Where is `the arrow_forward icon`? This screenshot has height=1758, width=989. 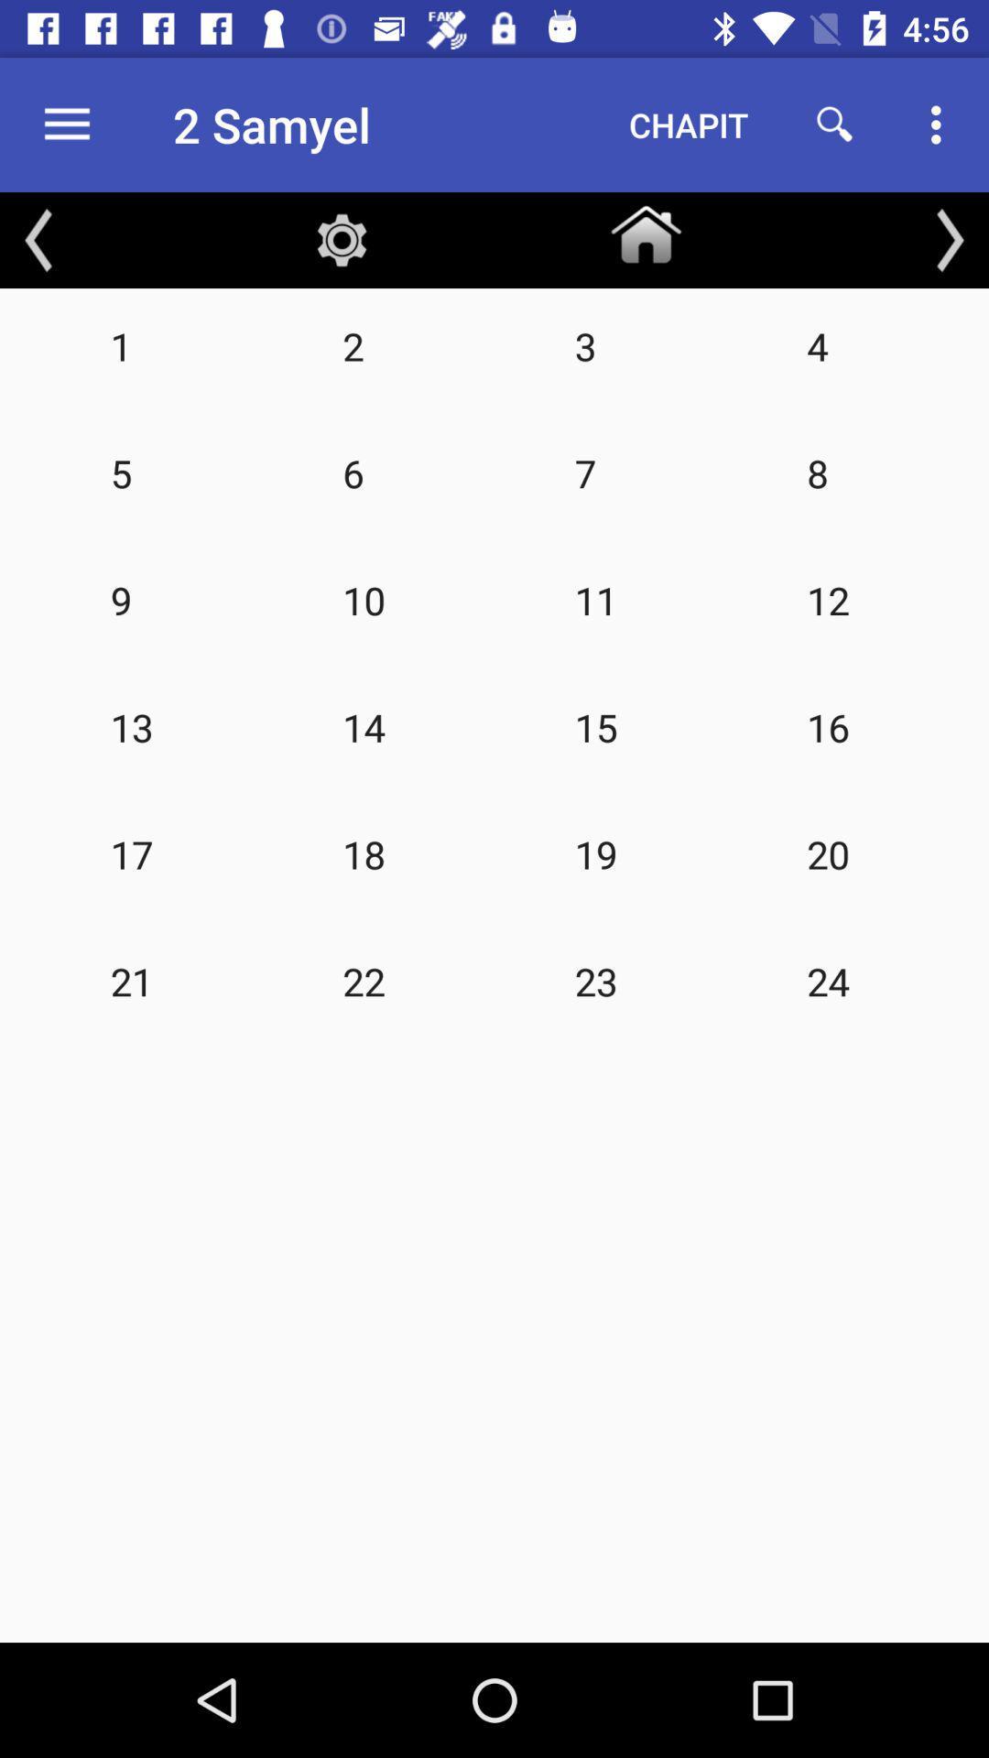
the arrow_forward icon is located at coordinates (949, 239).